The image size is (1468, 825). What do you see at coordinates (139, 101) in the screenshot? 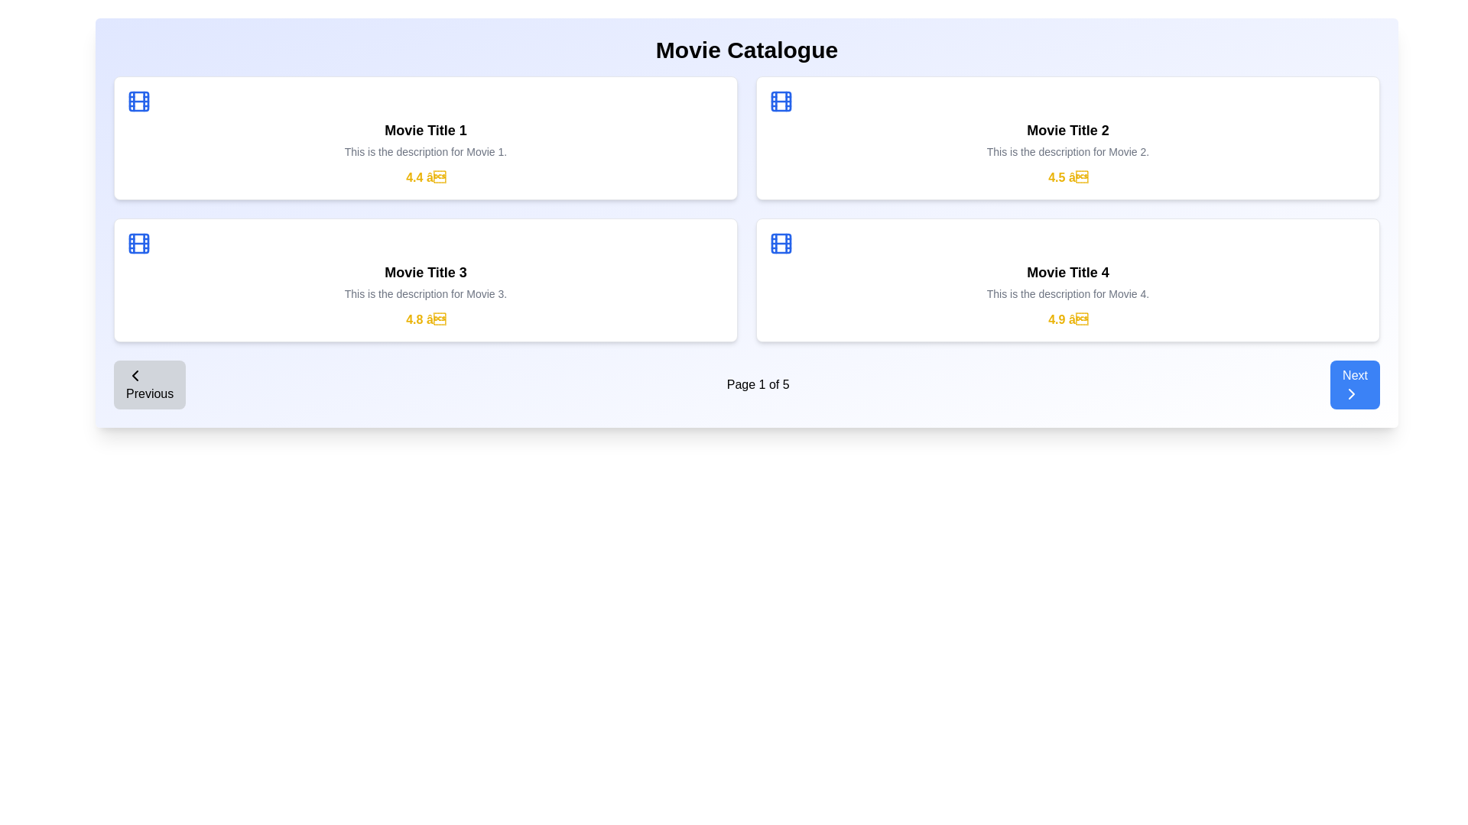
I see `the Decorative SVG component that visually represents the movie reel in the movie card for 'Movie Title 1'` at bounding box center [139, 101].